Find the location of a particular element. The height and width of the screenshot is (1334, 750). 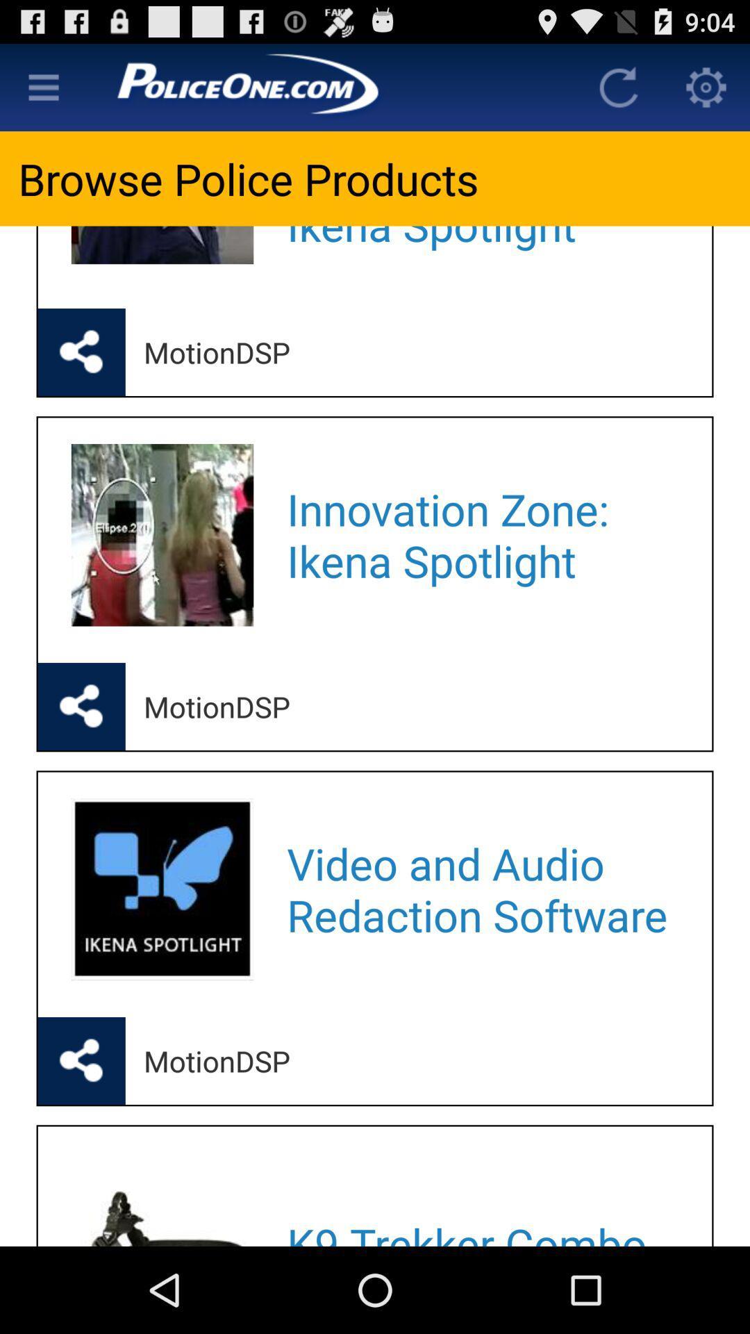

share the article is located at coordinates (81, 1060).